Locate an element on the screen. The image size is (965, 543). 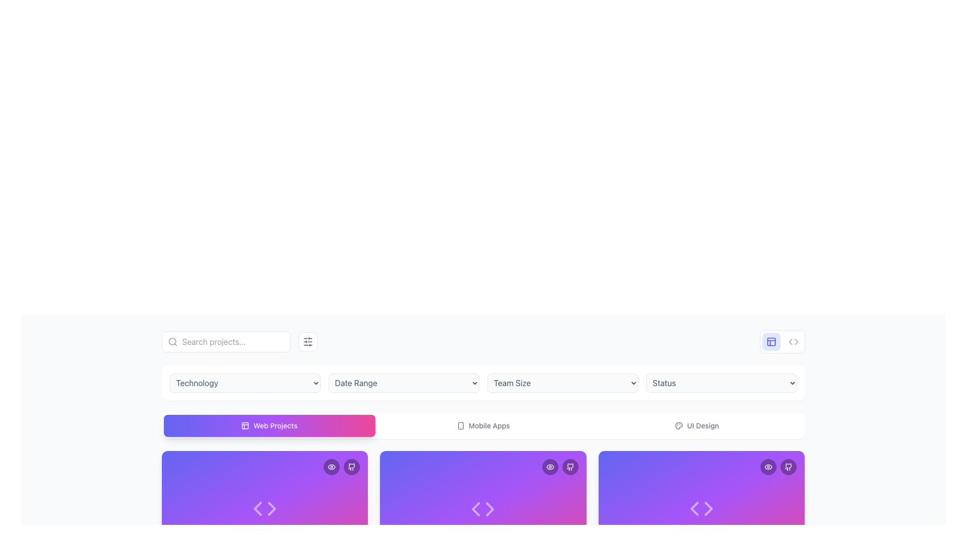
the leftmost triangular arrow icon pointing to the left, which is part of a navigation feature on a purple background is located at coordinates (694, 509).